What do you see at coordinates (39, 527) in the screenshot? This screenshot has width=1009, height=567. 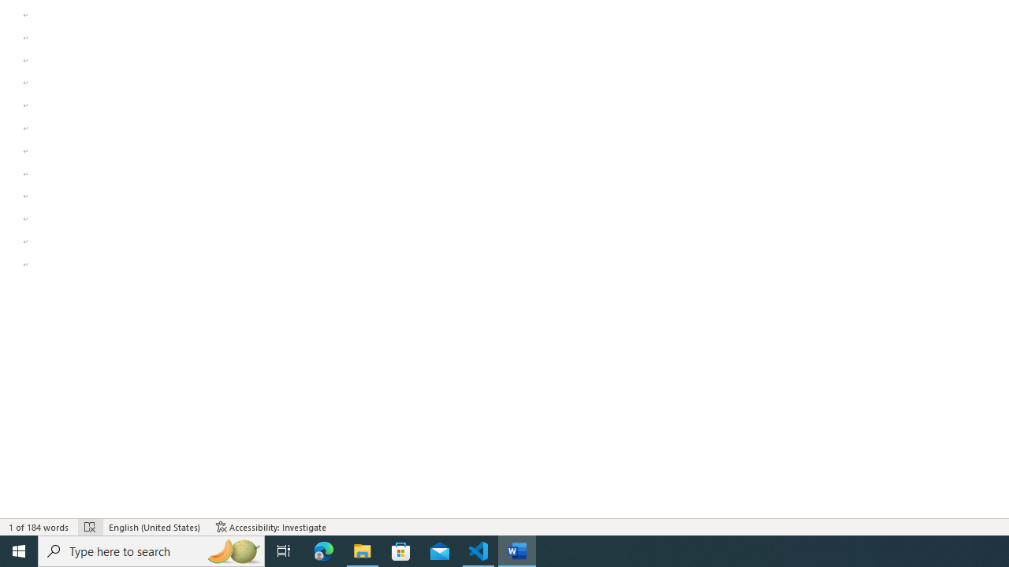 I see `'Word Count 1 of 184 words'` at bounding box center [39, 527].